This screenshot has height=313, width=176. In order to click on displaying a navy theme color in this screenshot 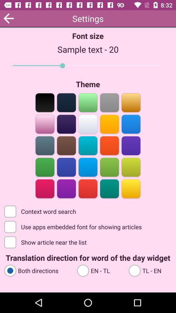, I will do `click(66, 102)`.